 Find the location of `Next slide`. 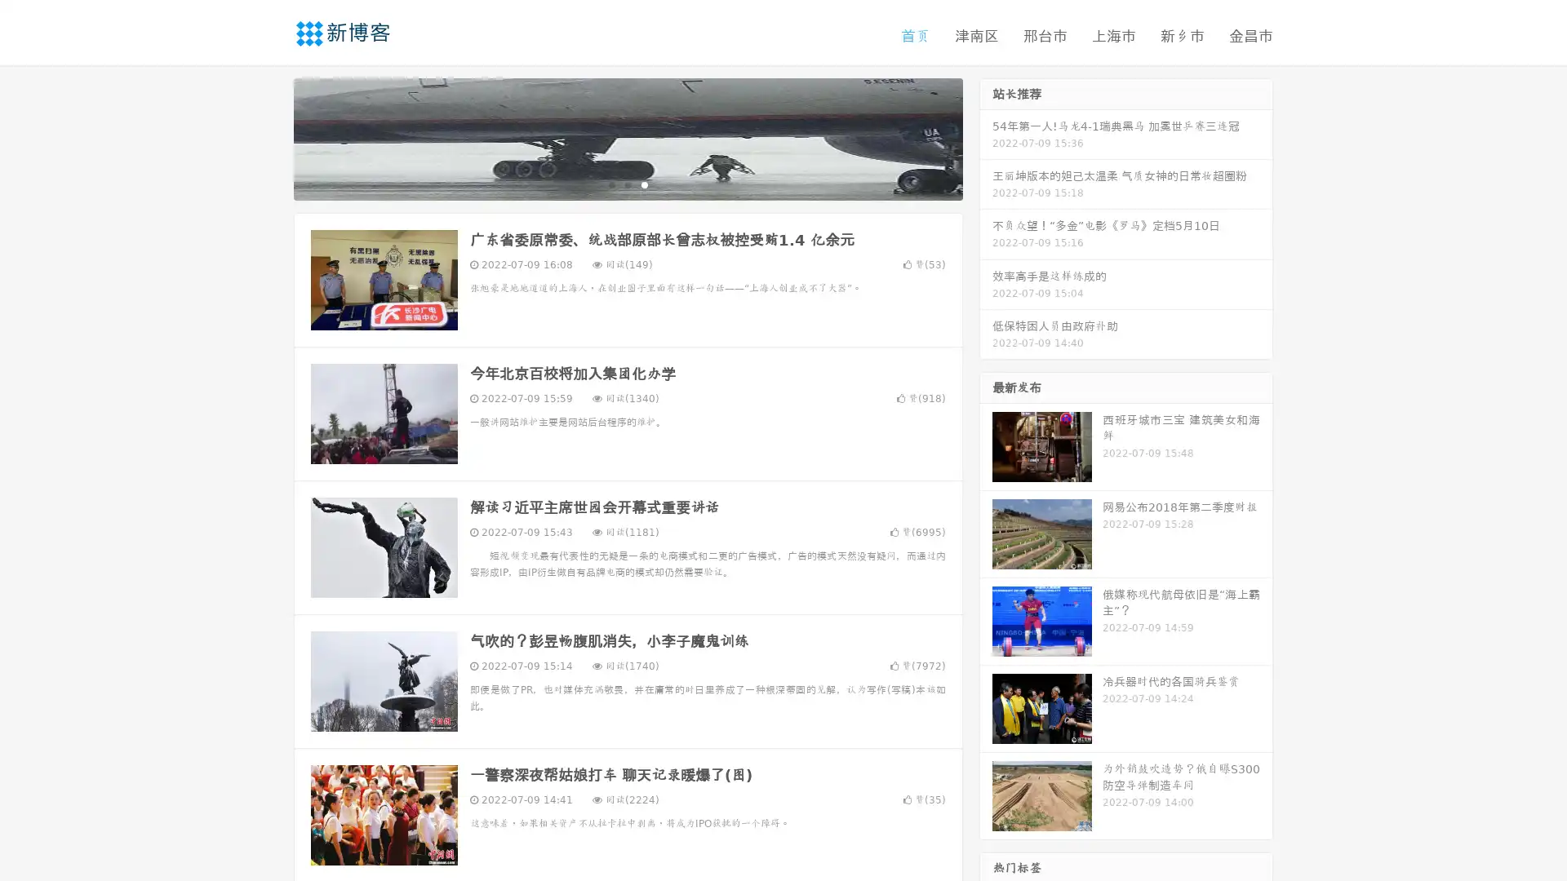

Next slide is located at coordinates (986, 137).